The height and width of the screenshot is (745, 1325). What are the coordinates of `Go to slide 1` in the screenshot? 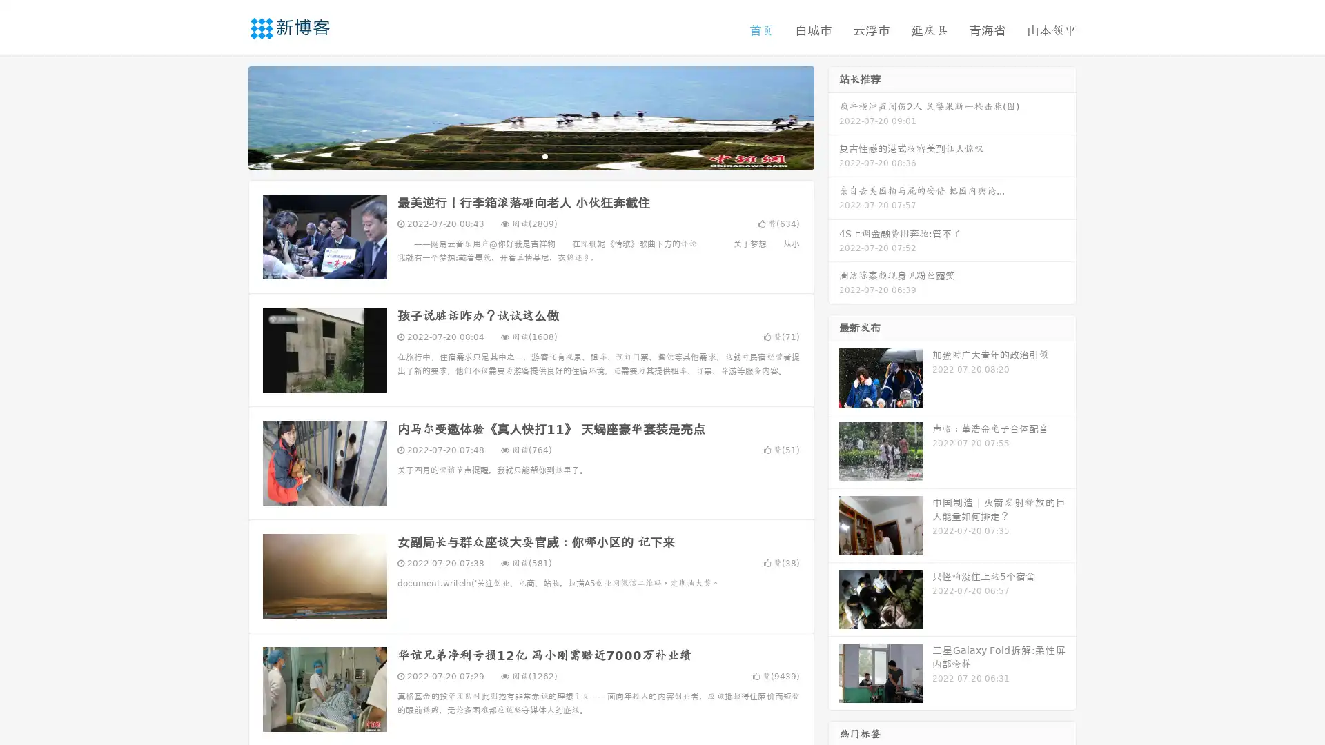 It's located at (516, 155).